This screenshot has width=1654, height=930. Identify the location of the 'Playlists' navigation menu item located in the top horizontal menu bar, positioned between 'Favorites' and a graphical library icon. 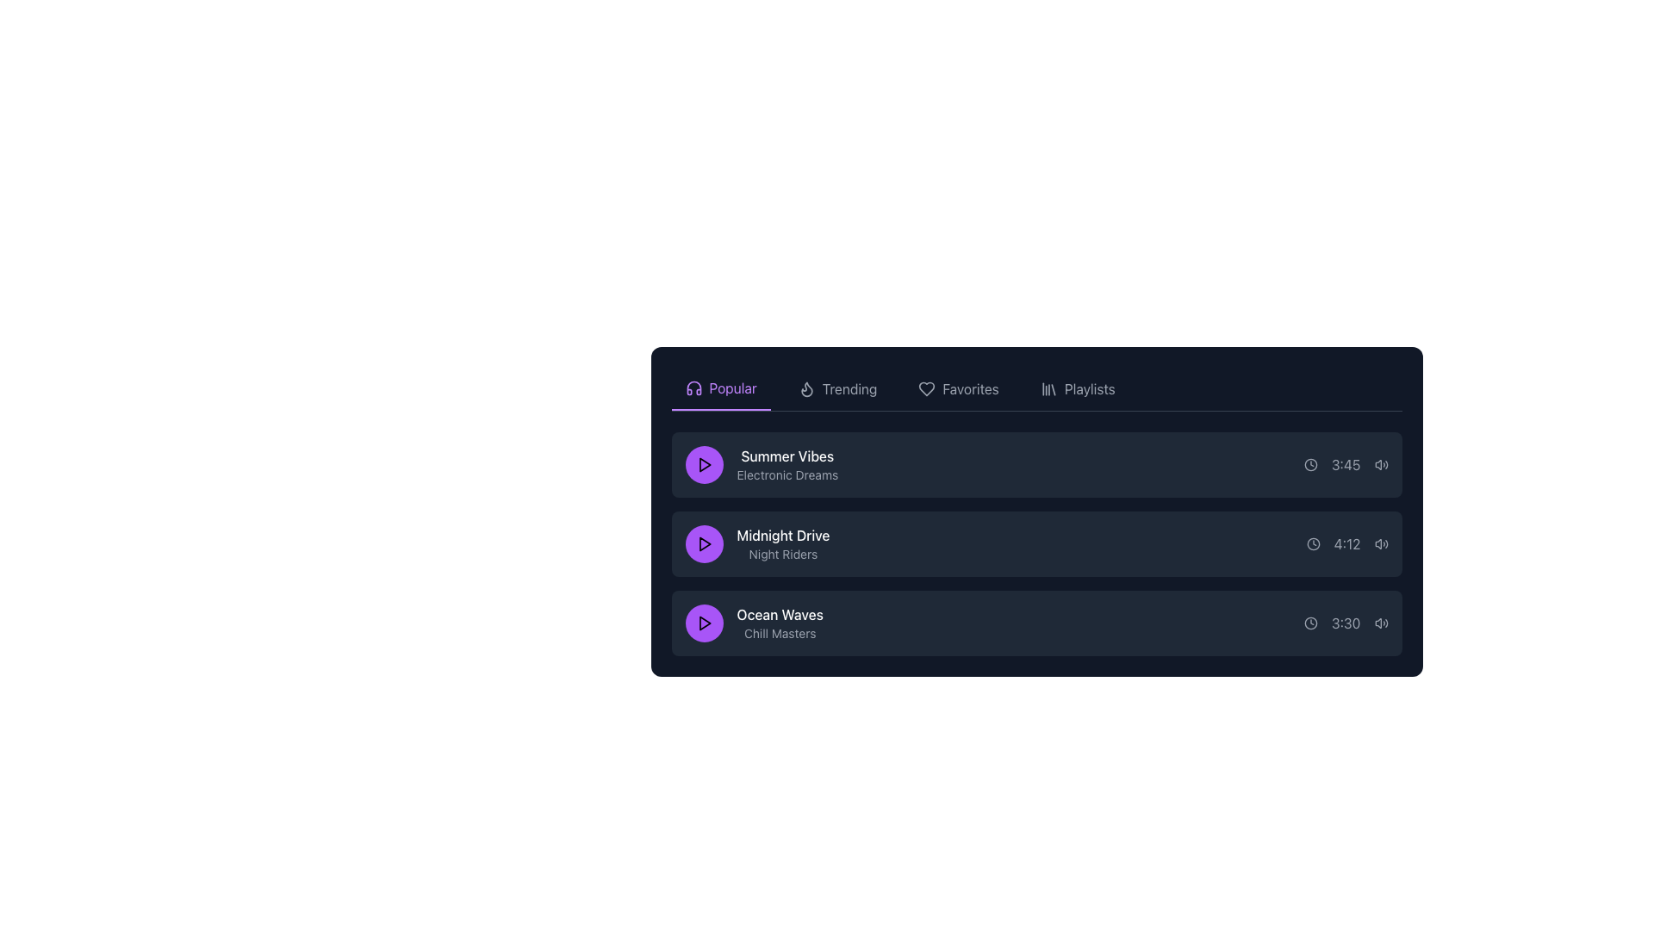
(1089, 388).